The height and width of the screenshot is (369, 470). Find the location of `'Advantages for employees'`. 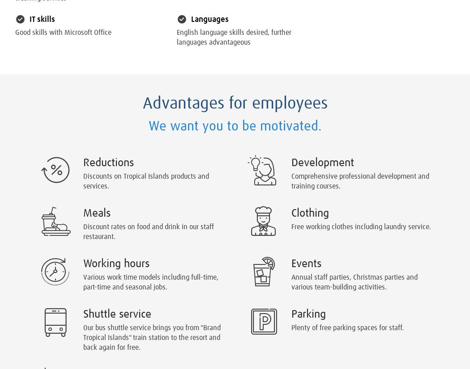

'Advantages for employees' is located at coordinates (234, 103).